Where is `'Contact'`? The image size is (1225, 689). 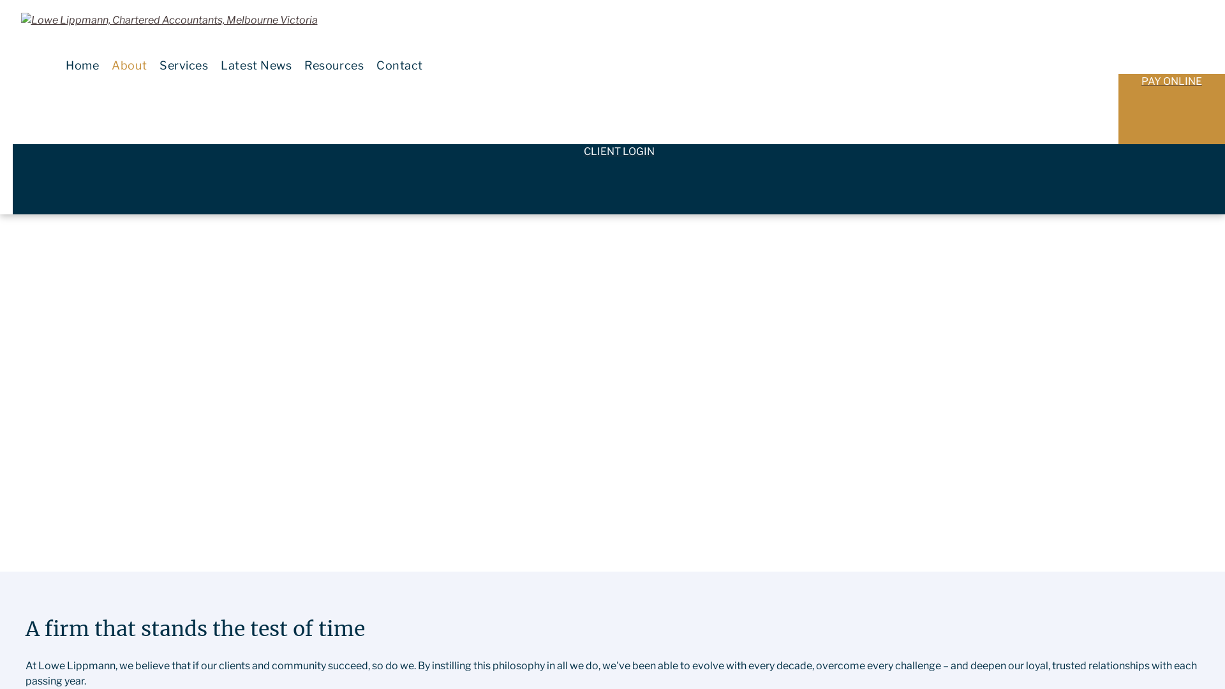
'Contact' is located at coordinates (369, 65).